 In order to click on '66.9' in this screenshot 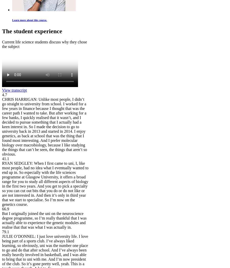, I will do `click(5, 209)`.